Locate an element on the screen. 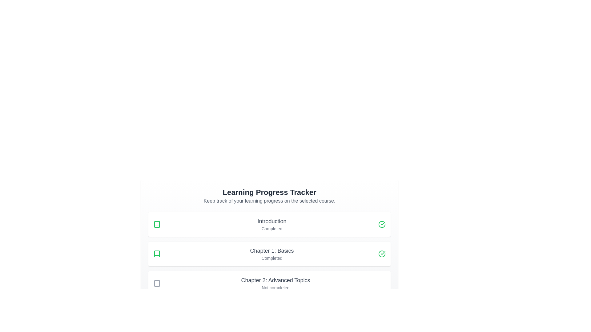 Image resolution: width=591 pixels, height=332 pixels. the informational card indicating 'Chapter 2: Advanced Topics' in the learning progress tracker, which is located below 'Chapter 1: Basics' and occupies the third slot is located at coordinates (275, 283).